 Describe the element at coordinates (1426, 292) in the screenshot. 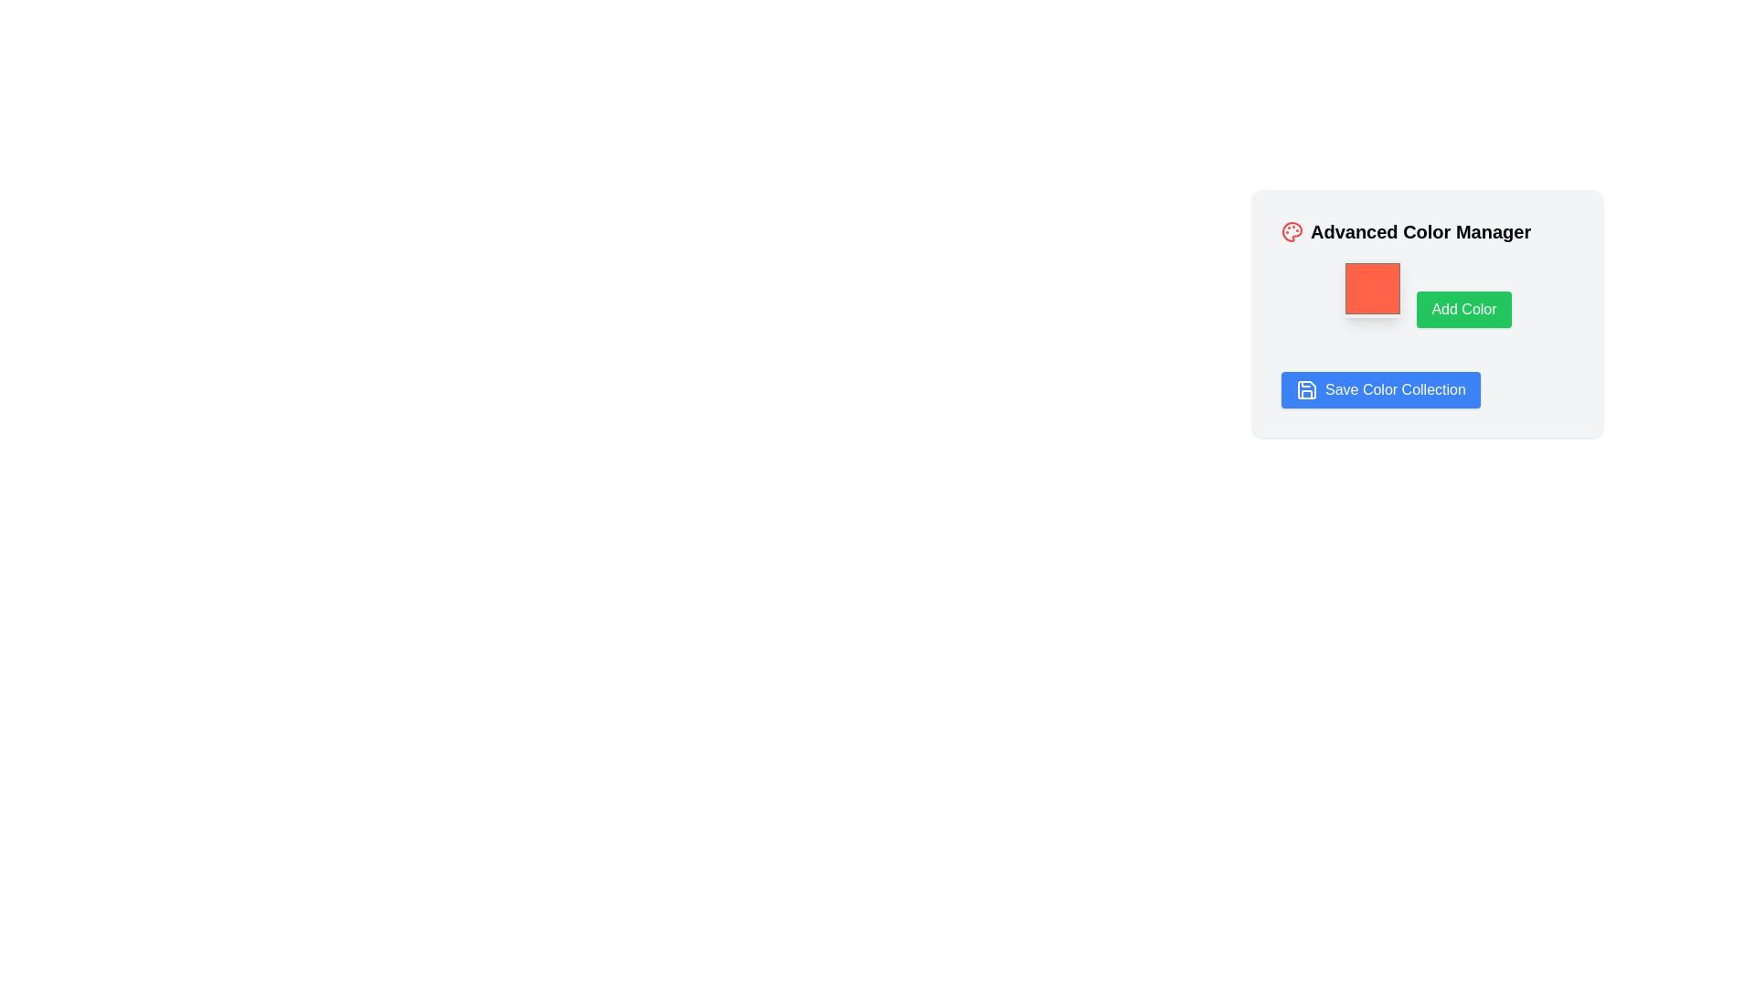

I see `the button used to confirm the selection or addition of a color in the 'Advanced Color Manager' card` at that location.